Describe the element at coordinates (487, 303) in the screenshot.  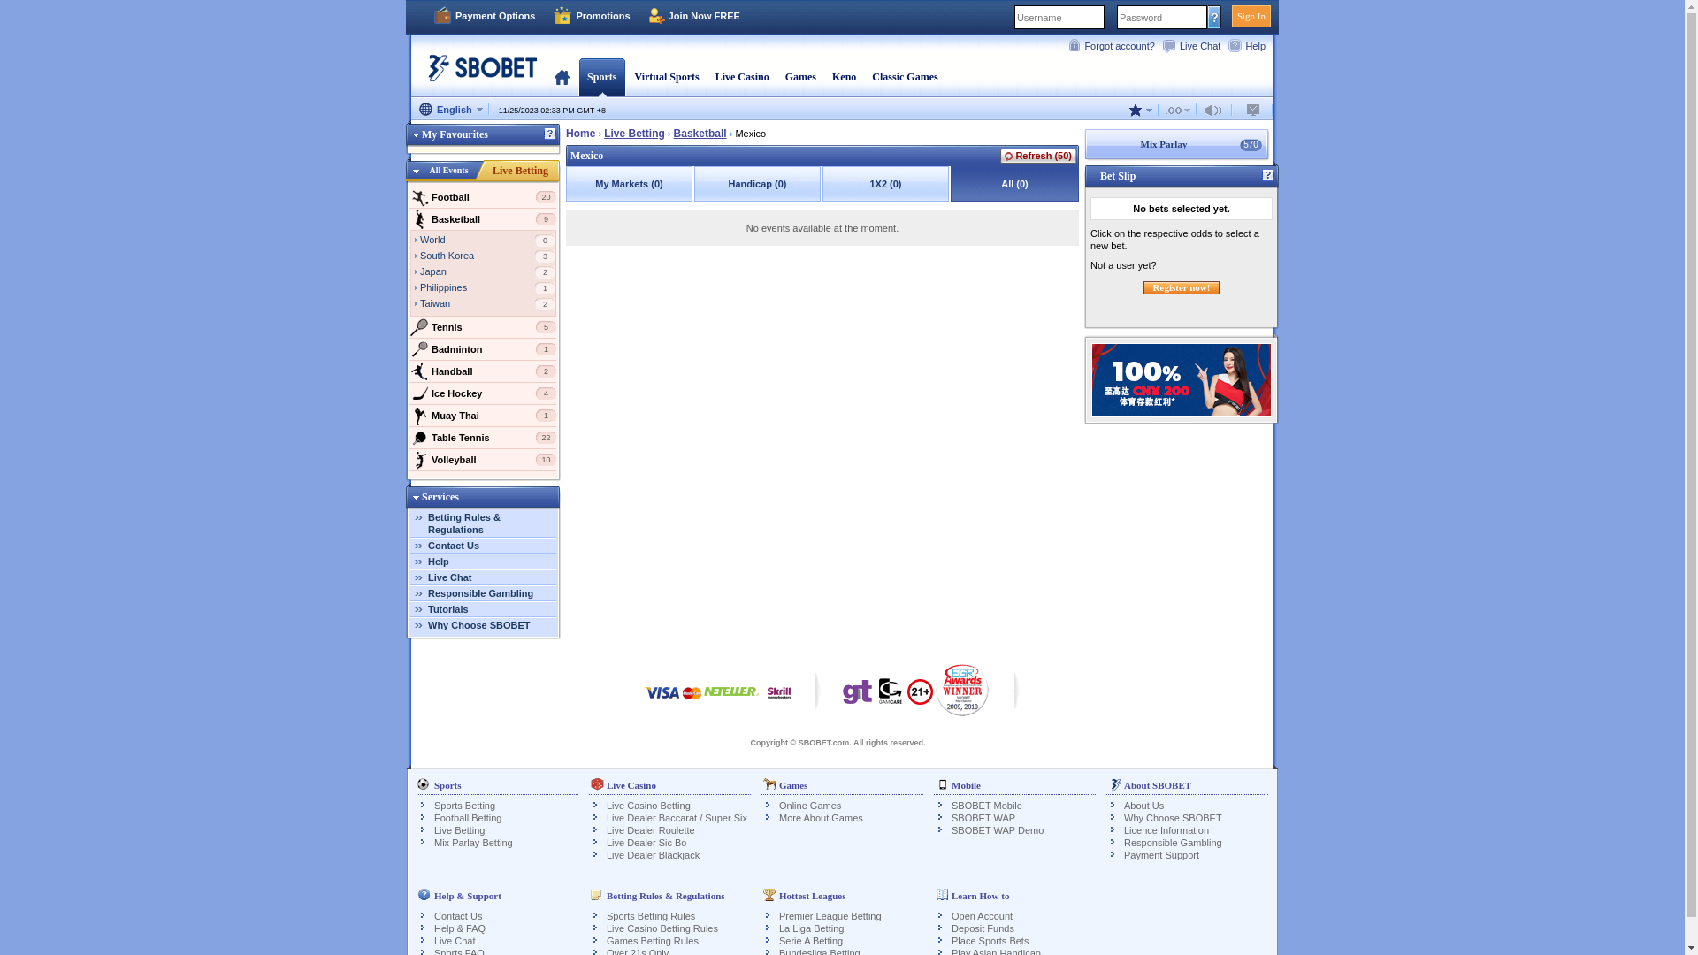
I see `'Taiwan` at that location.